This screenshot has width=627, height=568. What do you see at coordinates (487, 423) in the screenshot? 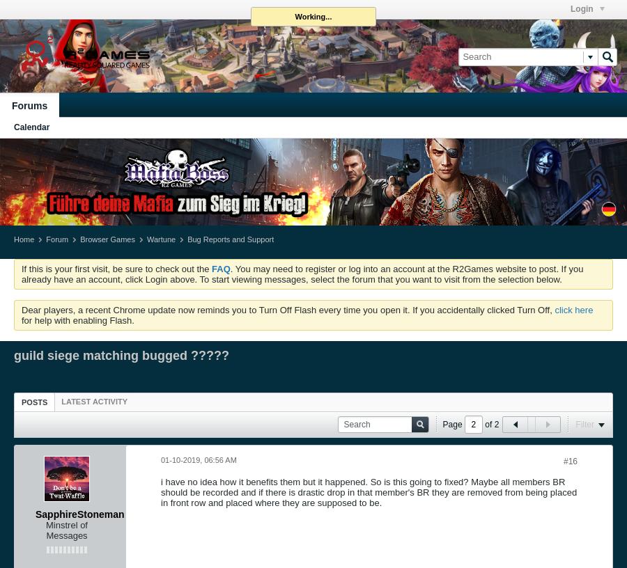
I see `'of'` at bounding box center [487, 423].